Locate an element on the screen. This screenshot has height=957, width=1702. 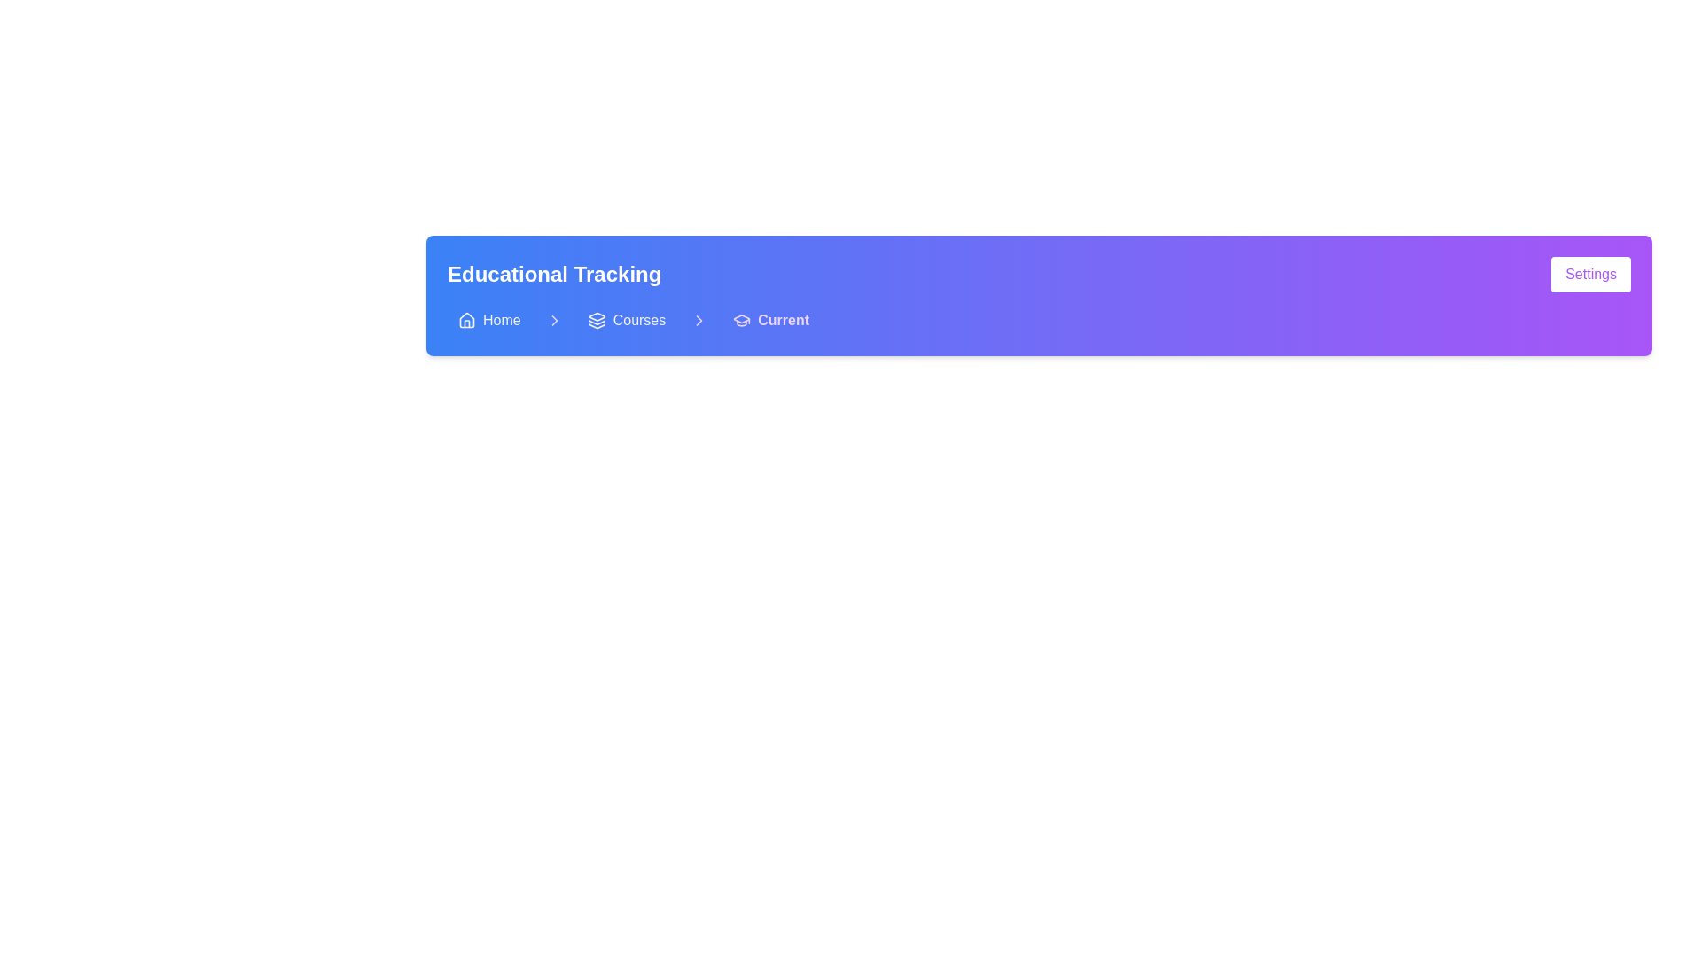
the first icon in the navigation breadcrumb area that represents a layered or hierarchical concept to interact with its functionality is located at coordinates (597, 315).